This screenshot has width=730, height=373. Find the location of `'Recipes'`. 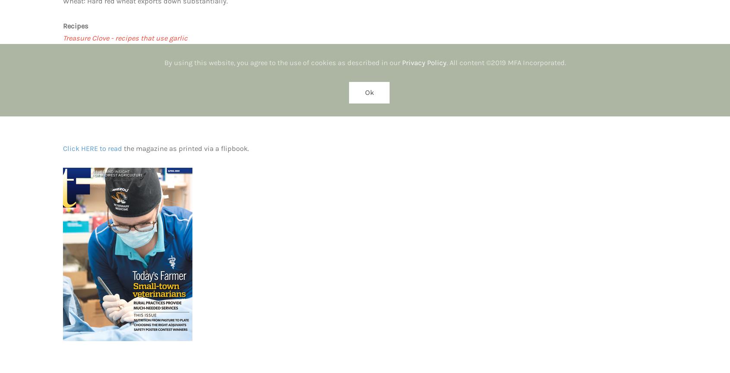

'Recipes' is located at coordinates (75, 25).